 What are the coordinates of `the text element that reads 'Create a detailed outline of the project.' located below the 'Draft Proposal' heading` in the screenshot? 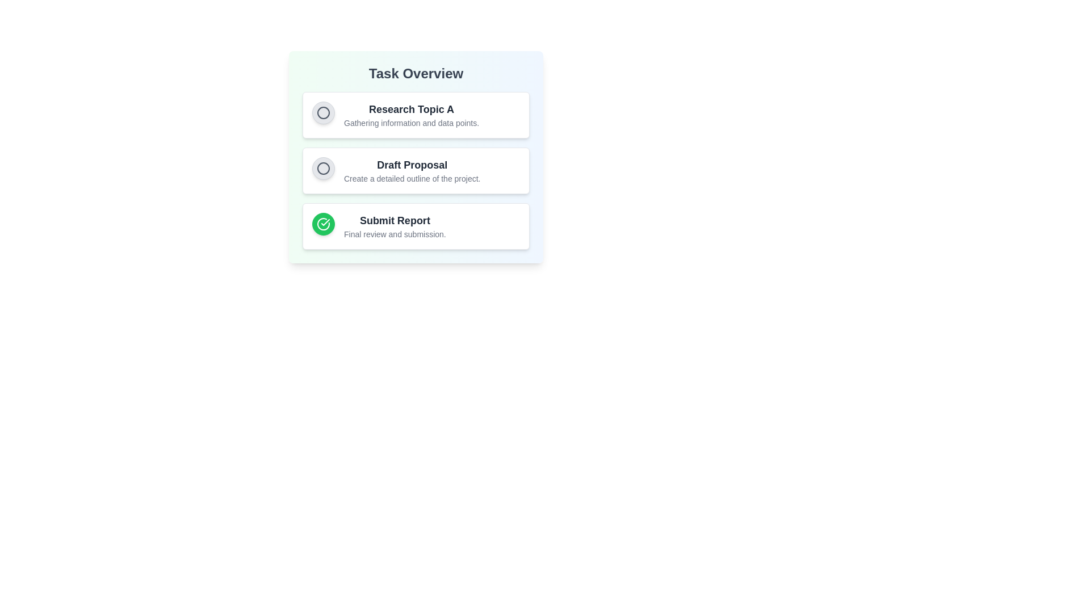 It's located at (412, 179).